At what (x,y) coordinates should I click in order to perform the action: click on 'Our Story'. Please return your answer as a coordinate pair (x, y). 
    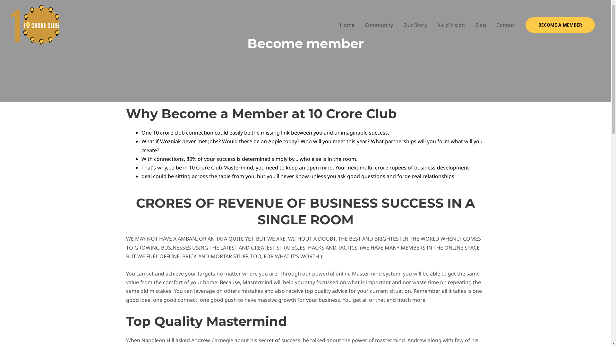
    Looking at the image, I should click on (398, 24).